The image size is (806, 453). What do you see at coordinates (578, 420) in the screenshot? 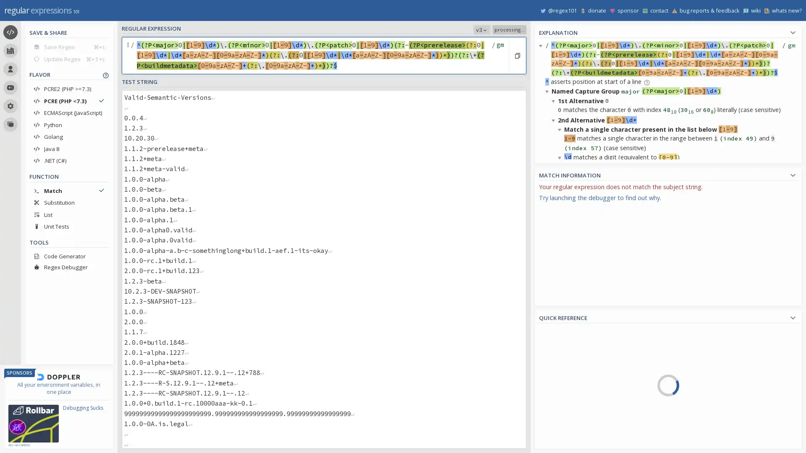
I see `Group Constructs` at bounding box center [578, 420].